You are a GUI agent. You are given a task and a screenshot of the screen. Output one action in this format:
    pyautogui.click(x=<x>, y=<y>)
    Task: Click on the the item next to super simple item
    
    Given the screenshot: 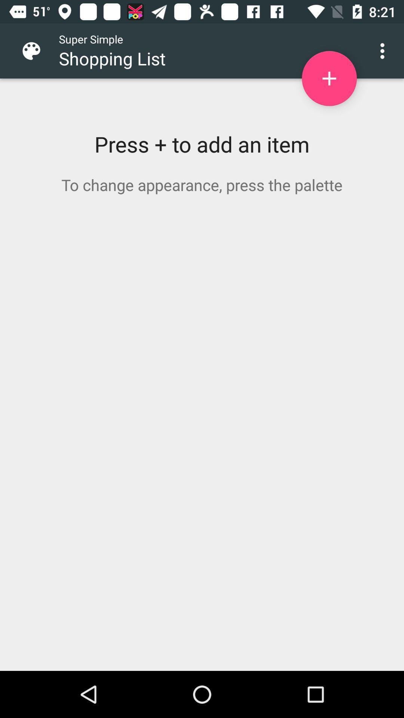 What is the action you would take?
    pyautogui.click(x=37, y=50)
    